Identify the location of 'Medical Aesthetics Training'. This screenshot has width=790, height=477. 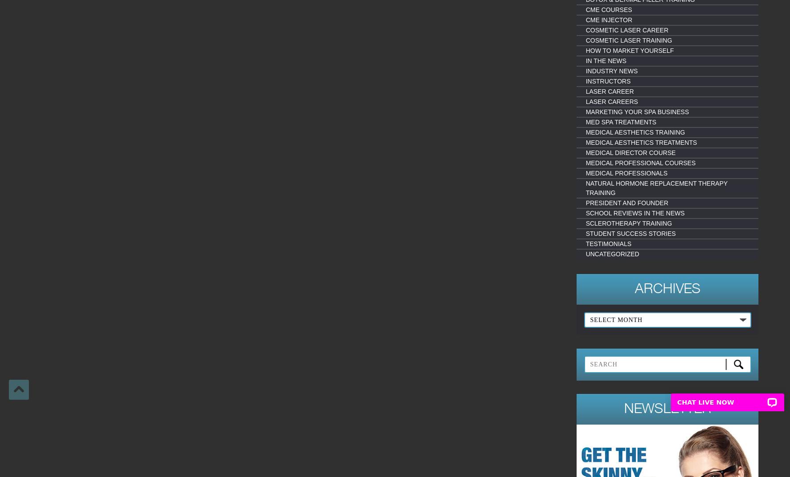
(634, 132).